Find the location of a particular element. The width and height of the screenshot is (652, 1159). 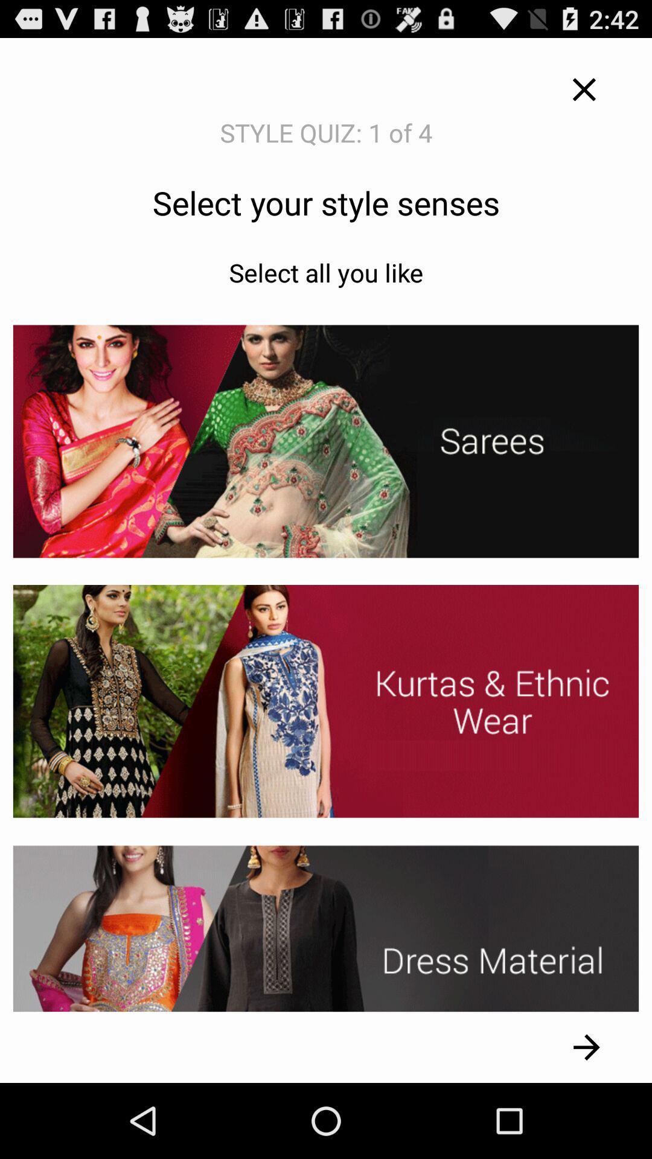

icon at the bottom right corner is located at coordinates (586, 1047).